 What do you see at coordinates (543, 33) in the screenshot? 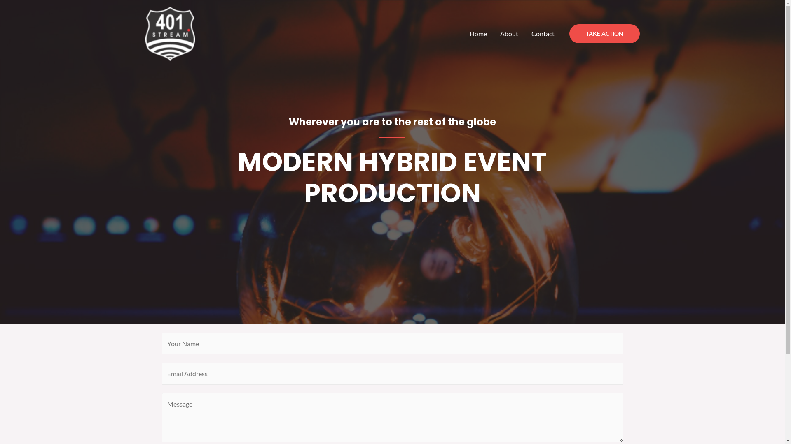
I see `'Contact'` at bounding box center [543, 33].